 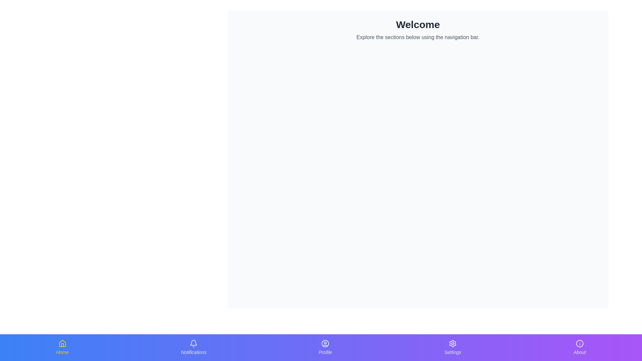 What do you see at coordinates (417, 37) in the screenshot?
I see `guidance text label located below the 'Welcome' text, which provides navigation instructions` at bounding box center [417, 37].